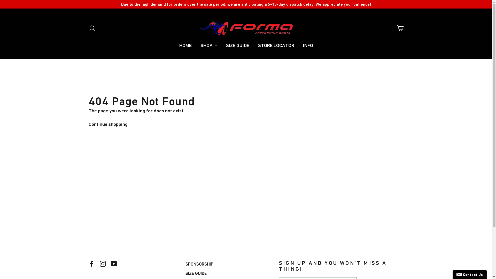 This screenshot has height=279, width=496. Describe the element at coordinates (88, 263) in the screenshot. I see `'Facebook'` at that location.